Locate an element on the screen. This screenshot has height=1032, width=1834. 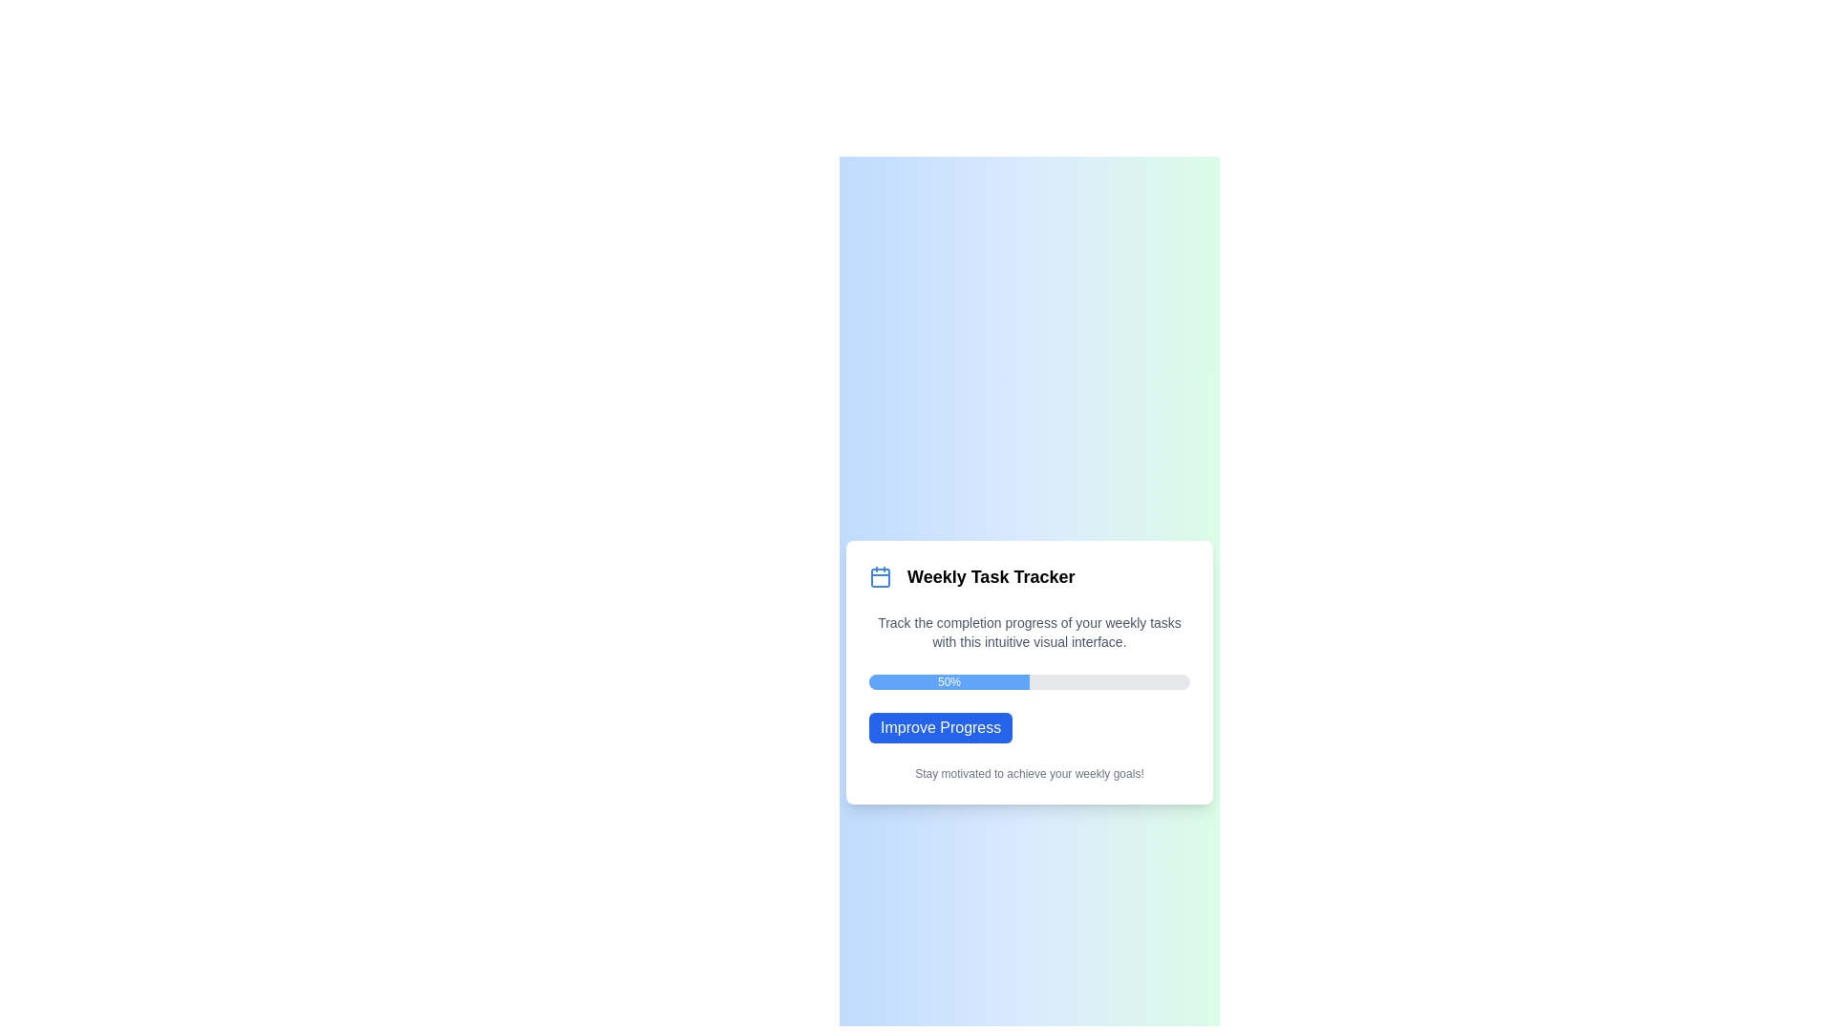
the main body of the calendar icon located within the 'Weekly Task Tracker' card, positioned below the header lines and above the horizontal separator is located at coordinates (879, 577).